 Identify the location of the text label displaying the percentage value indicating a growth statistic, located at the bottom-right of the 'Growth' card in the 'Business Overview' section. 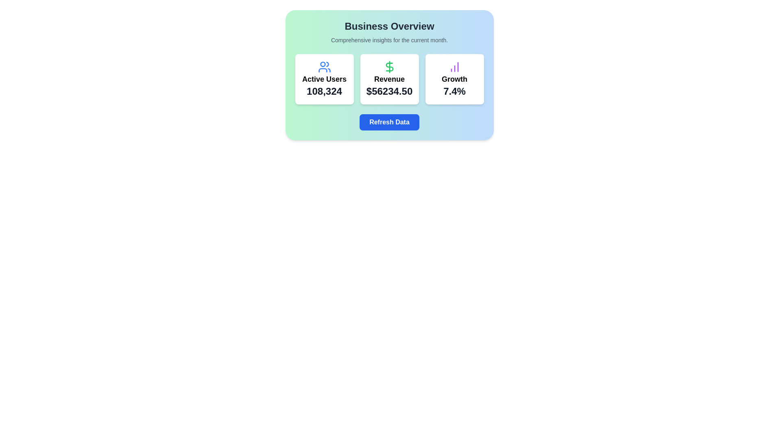
(454, 91).